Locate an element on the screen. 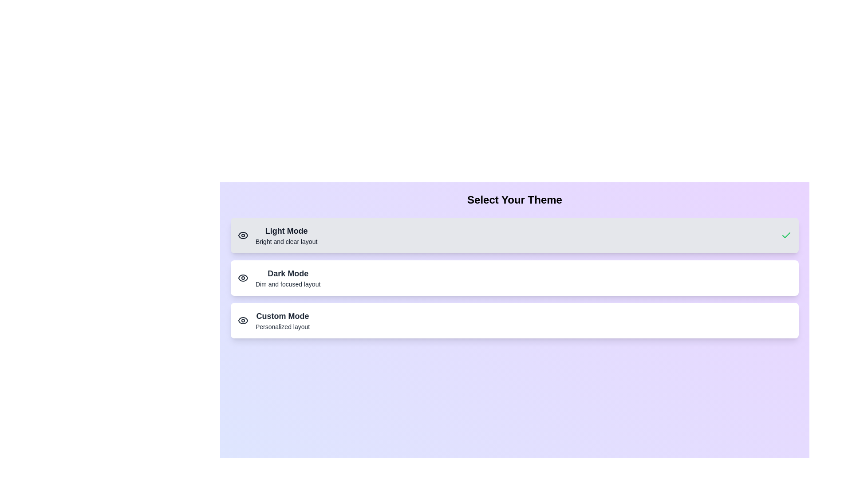 Image resolution: width=852 pixels, height=479 pixels. the theme button corresponding to Dark Mode is located at coordinates (515, 278).